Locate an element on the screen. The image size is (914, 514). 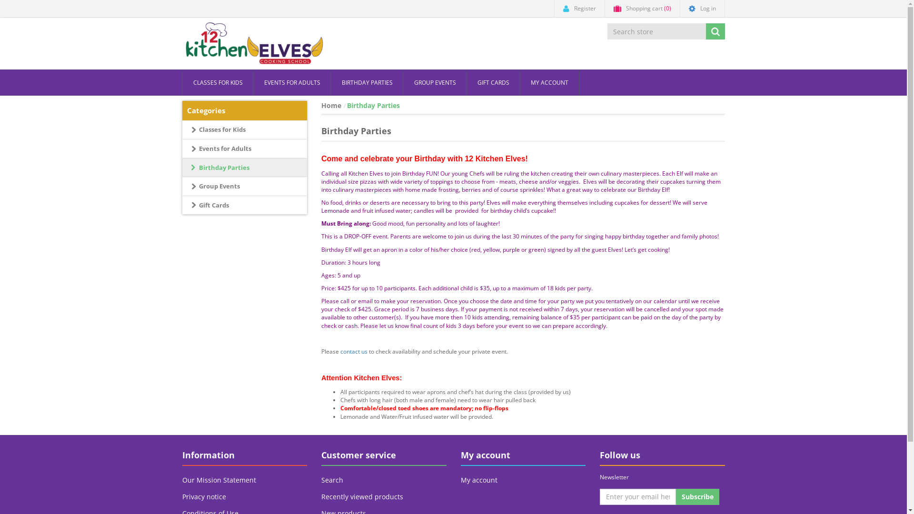
'Register' is located at coordinates (579, 9).